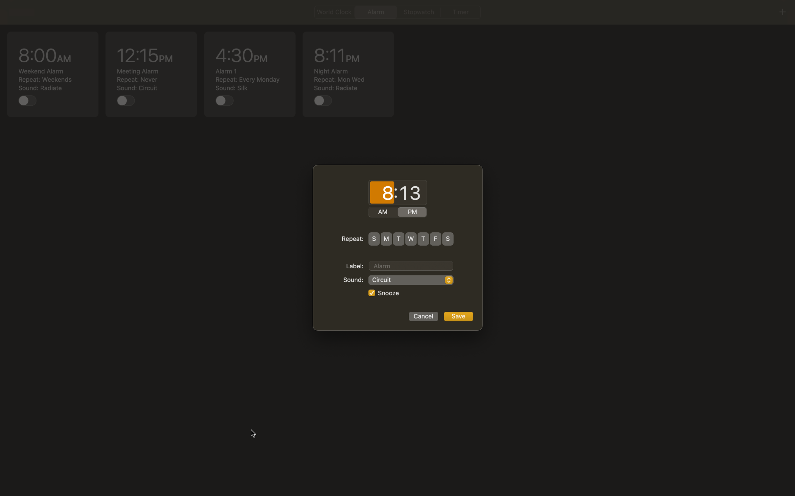 The height and width of the screenshot is (496, 795). What do you see at coordinates (411, 265) in the screenshot?
I see `alarm name as "Lazy Day` at bounding box center [411, 265].